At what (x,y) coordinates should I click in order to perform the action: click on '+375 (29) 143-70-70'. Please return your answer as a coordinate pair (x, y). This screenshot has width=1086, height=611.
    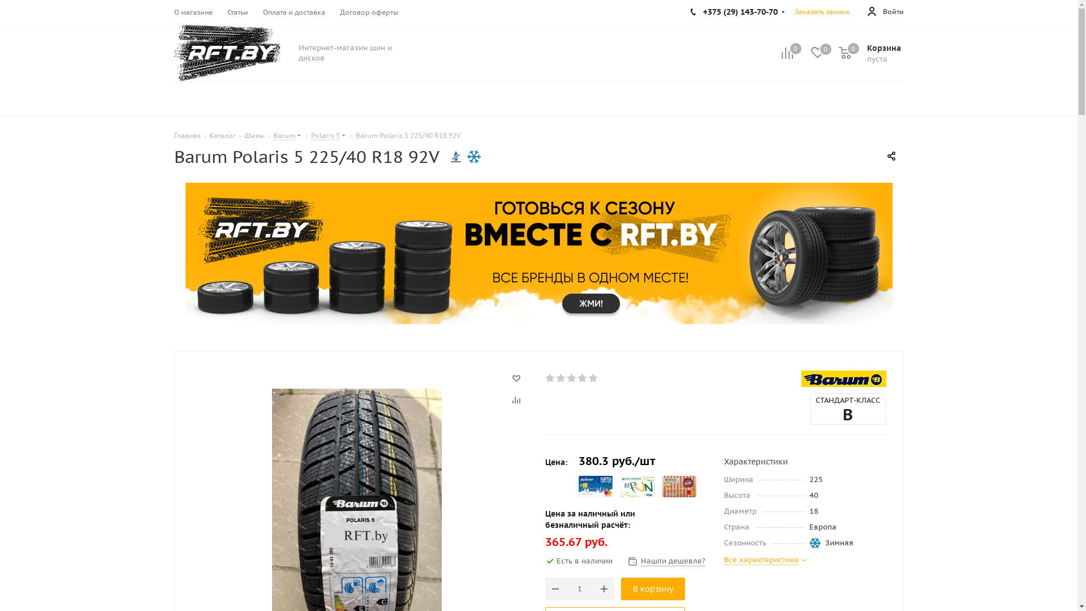
    Looking at the image, I should click on (738, 11).